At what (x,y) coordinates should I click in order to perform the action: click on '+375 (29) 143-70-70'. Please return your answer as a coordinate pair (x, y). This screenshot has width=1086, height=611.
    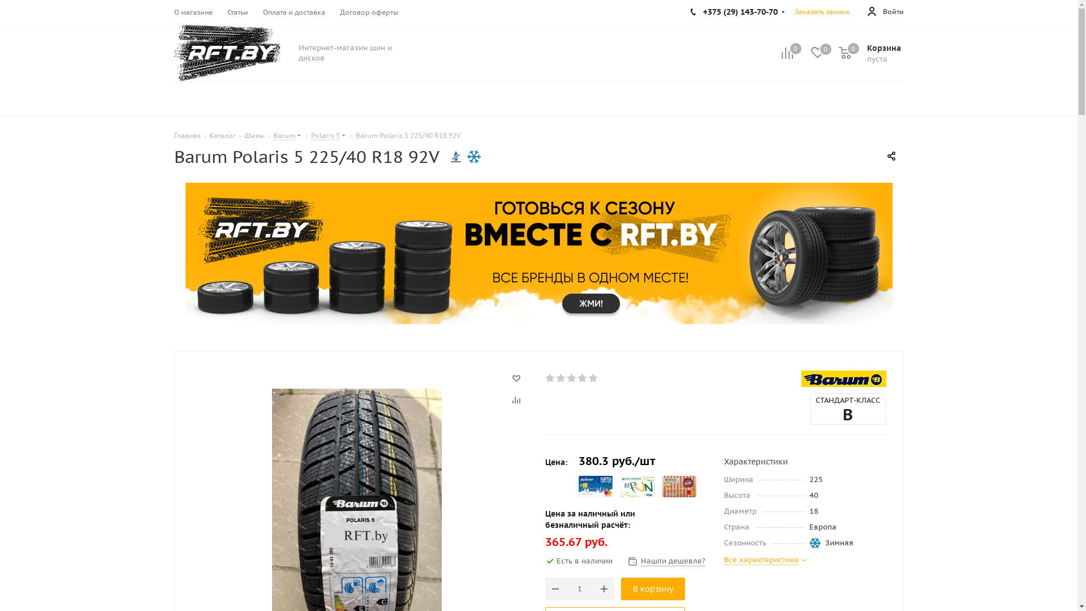
    Looking at the image, I should click on (738, 11).